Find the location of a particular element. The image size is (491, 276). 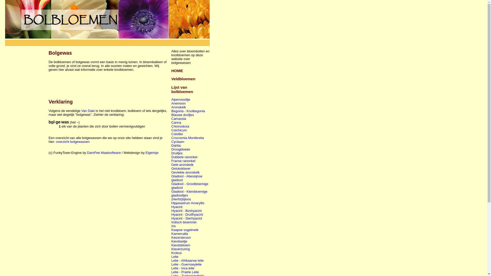

'Kievitsbloem' is located at coordinates (171, 245).